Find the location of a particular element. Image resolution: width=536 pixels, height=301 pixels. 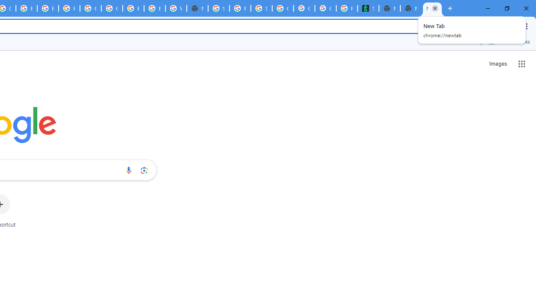

'Browse Chrome as a guest - Computer - Google Chrome Help' is located at coordinates (155, 8).